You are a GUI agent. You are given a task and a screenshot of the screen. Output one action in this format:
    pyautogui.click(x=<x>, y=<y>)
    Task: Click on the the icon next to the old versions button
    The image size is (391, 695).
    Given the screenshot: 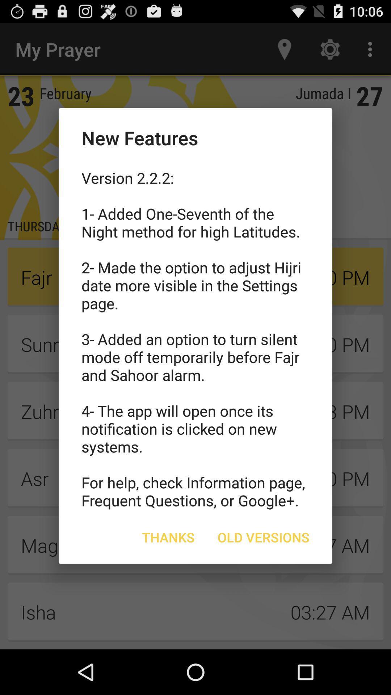 What is the action you would take?
    pyautogui.click(x=168, y=537)
    